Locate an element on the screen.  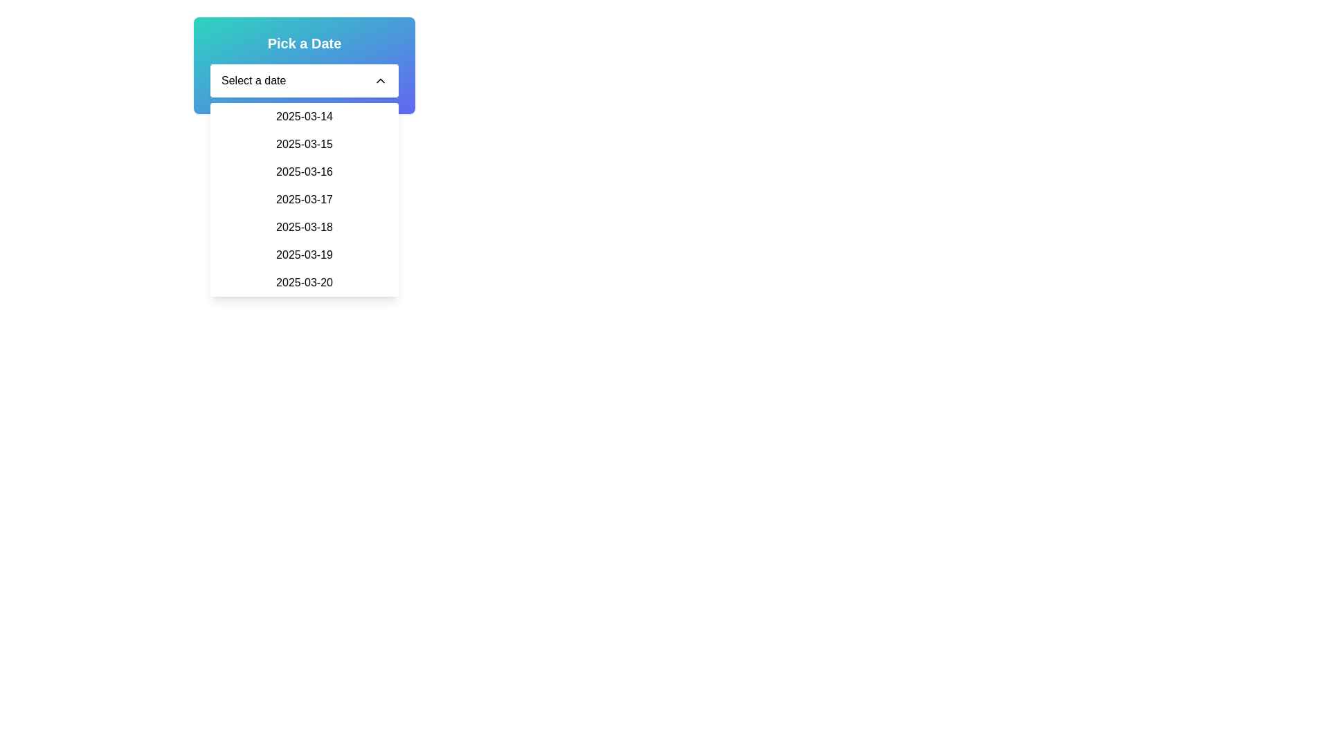
the first item in the date selection dropdown menu is located at coordinates (304, 116).